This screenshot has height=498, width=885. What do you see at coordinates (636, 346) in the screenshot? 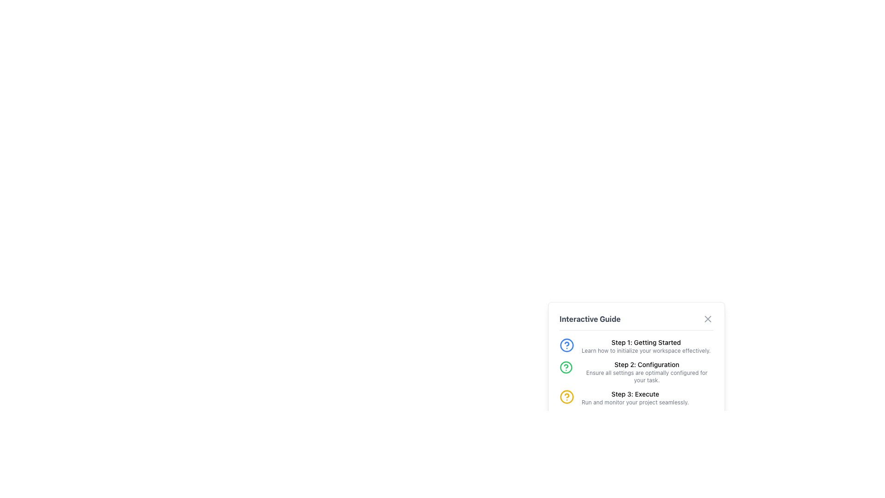
I see `the Informational step card located at the top of the 'Interactive Guide' section` at bounding box center [636, 346].